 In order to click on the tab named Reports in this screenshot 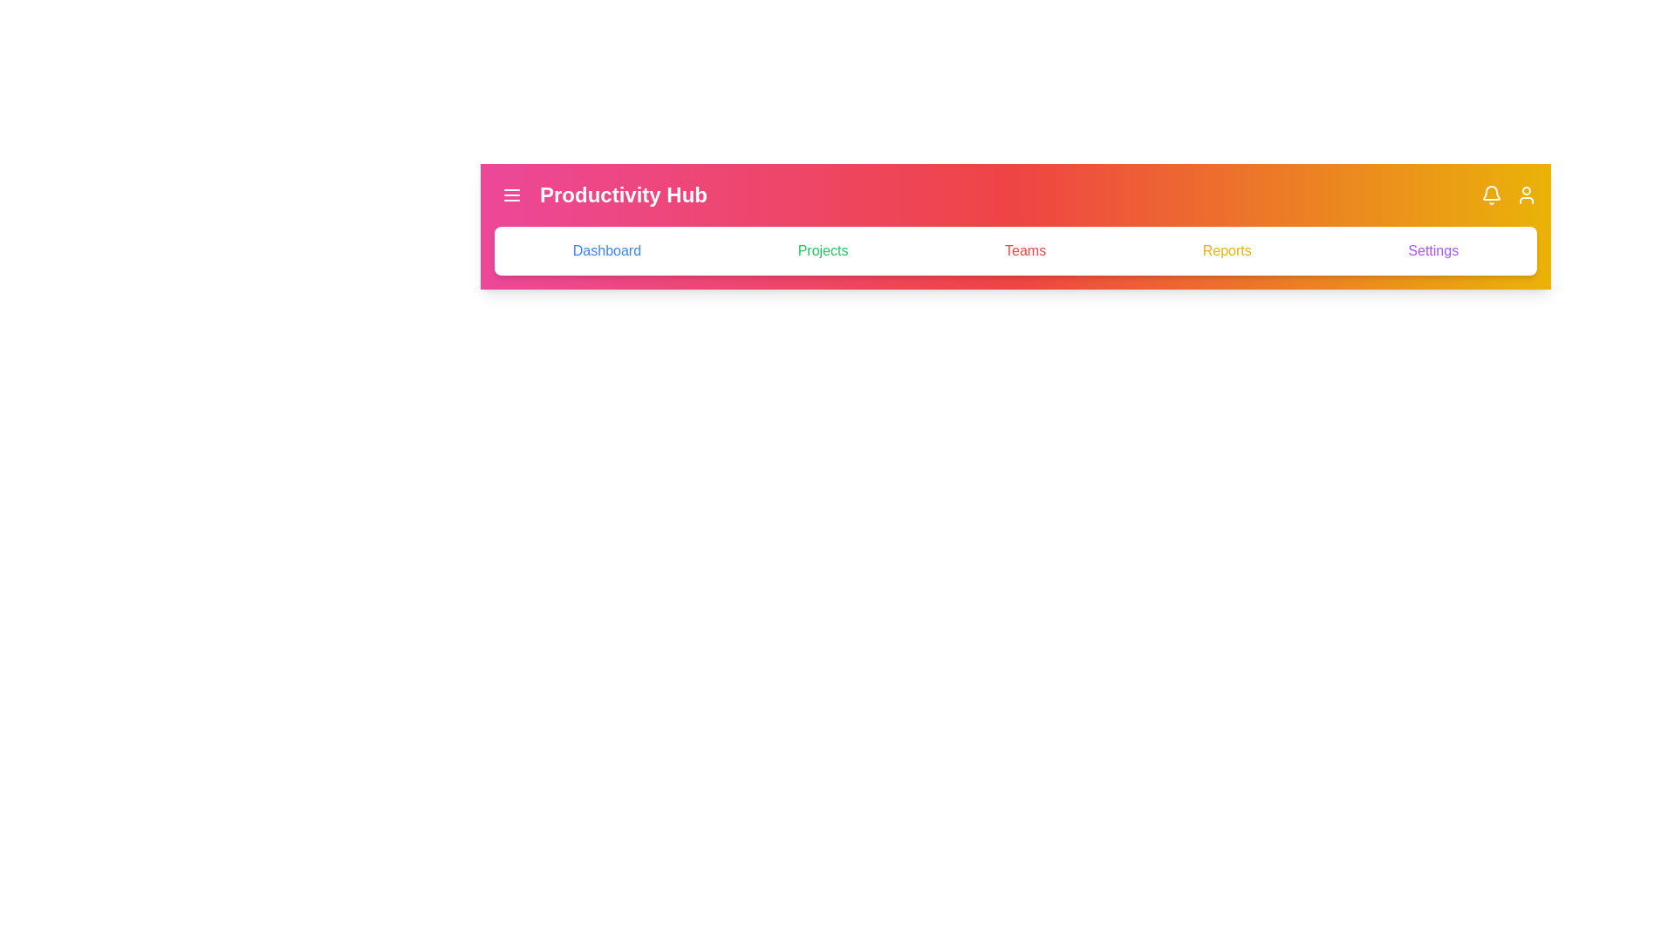, I will do `click(1226, 251)`.